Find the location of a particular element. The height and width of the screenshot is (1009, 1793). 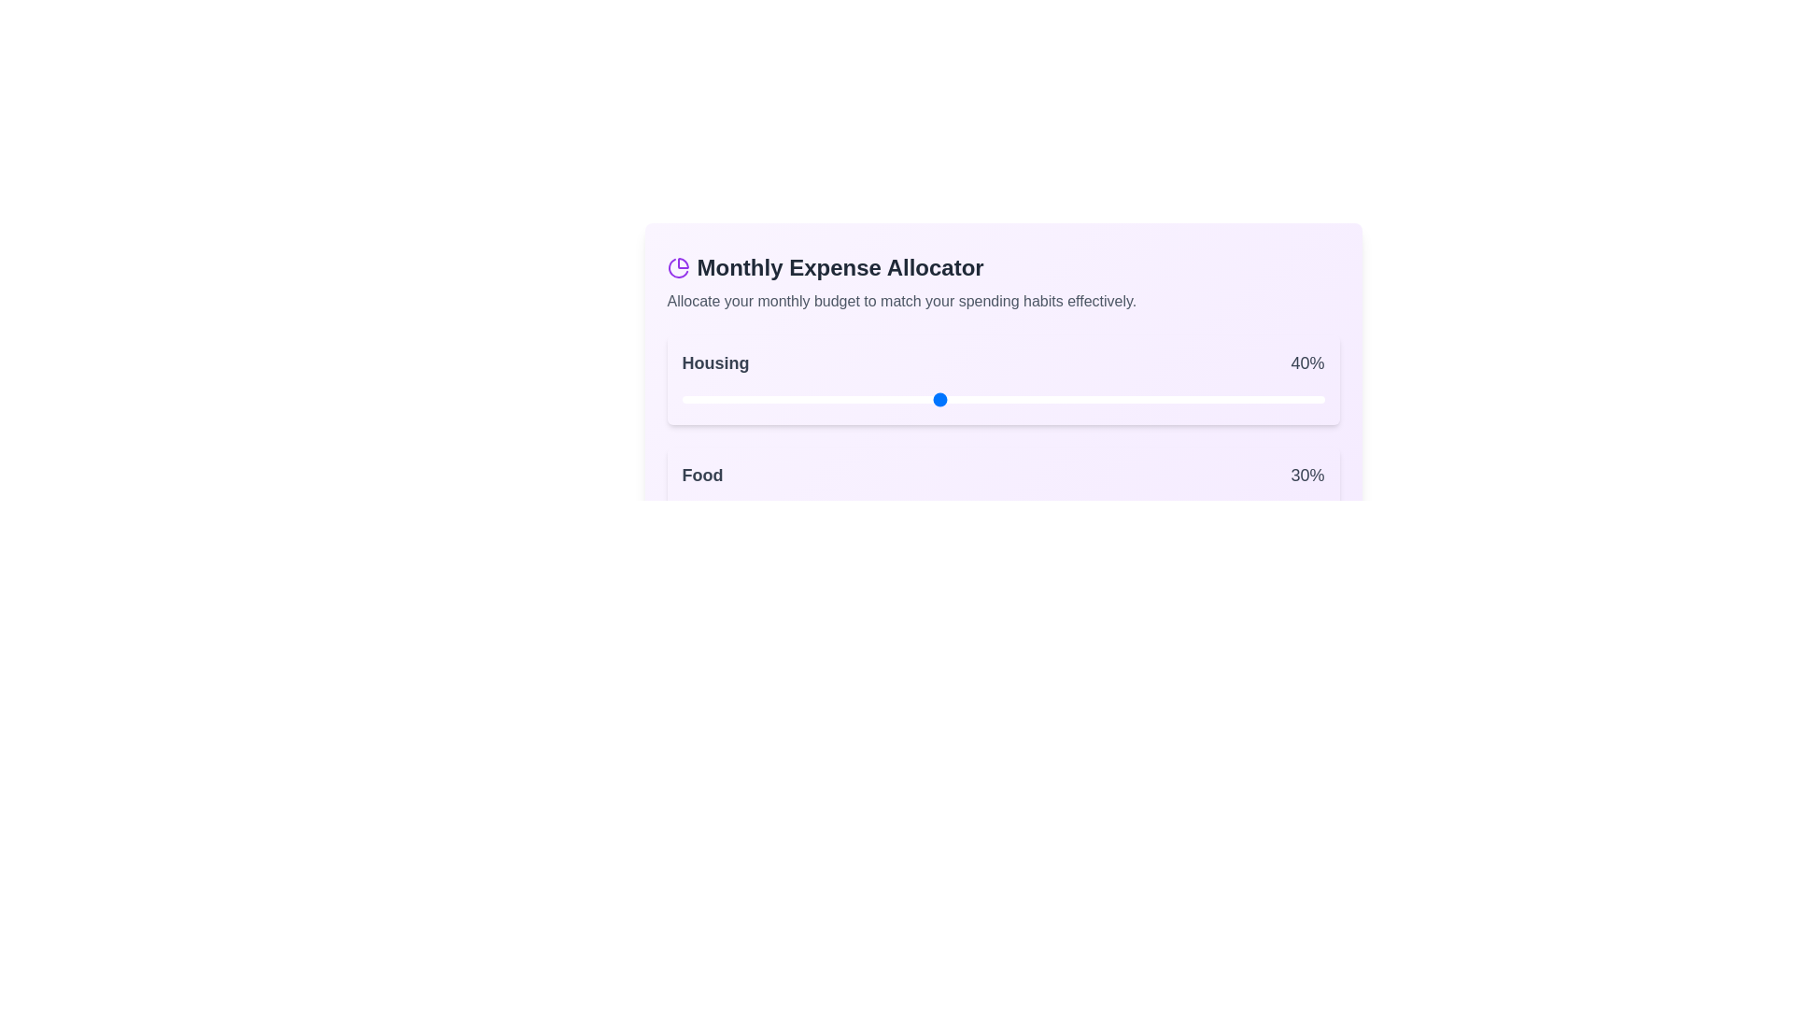

the value of the 'Housing' percentage slider is located at coordinates (1124, 399).